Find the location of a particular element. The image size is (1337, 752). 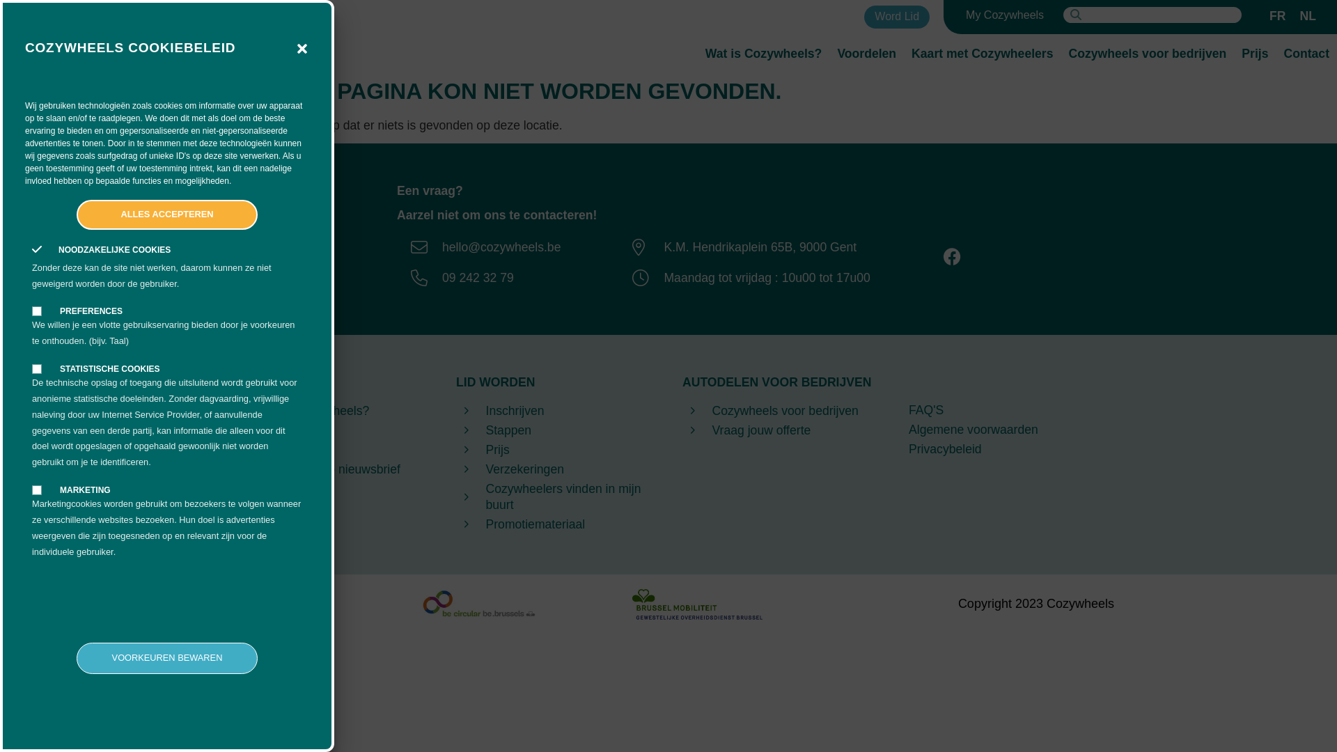

'Cozywheelers vinden in mijn buurt' is located at coordinates (554, 496).